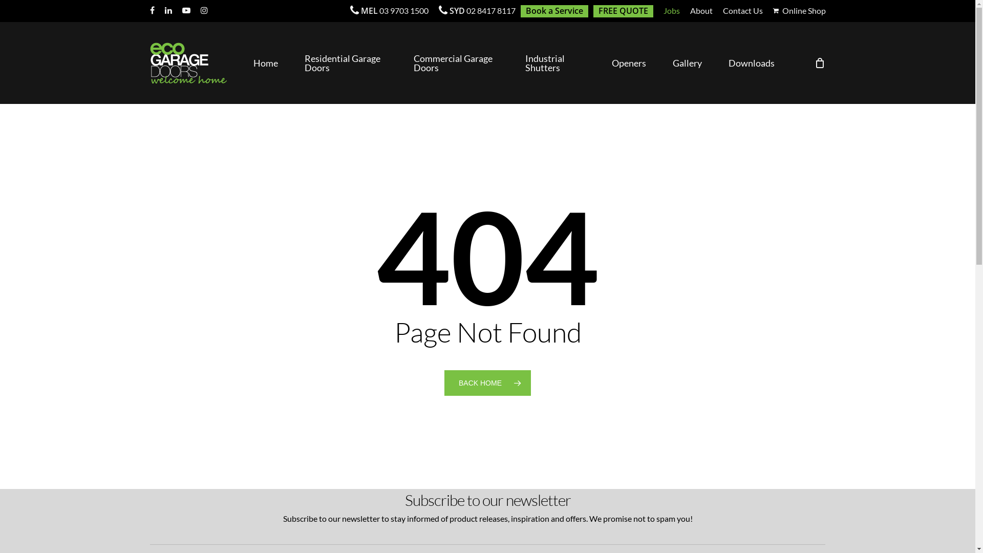  I want to click on 'Industrial Shutters', so click(554, 63).